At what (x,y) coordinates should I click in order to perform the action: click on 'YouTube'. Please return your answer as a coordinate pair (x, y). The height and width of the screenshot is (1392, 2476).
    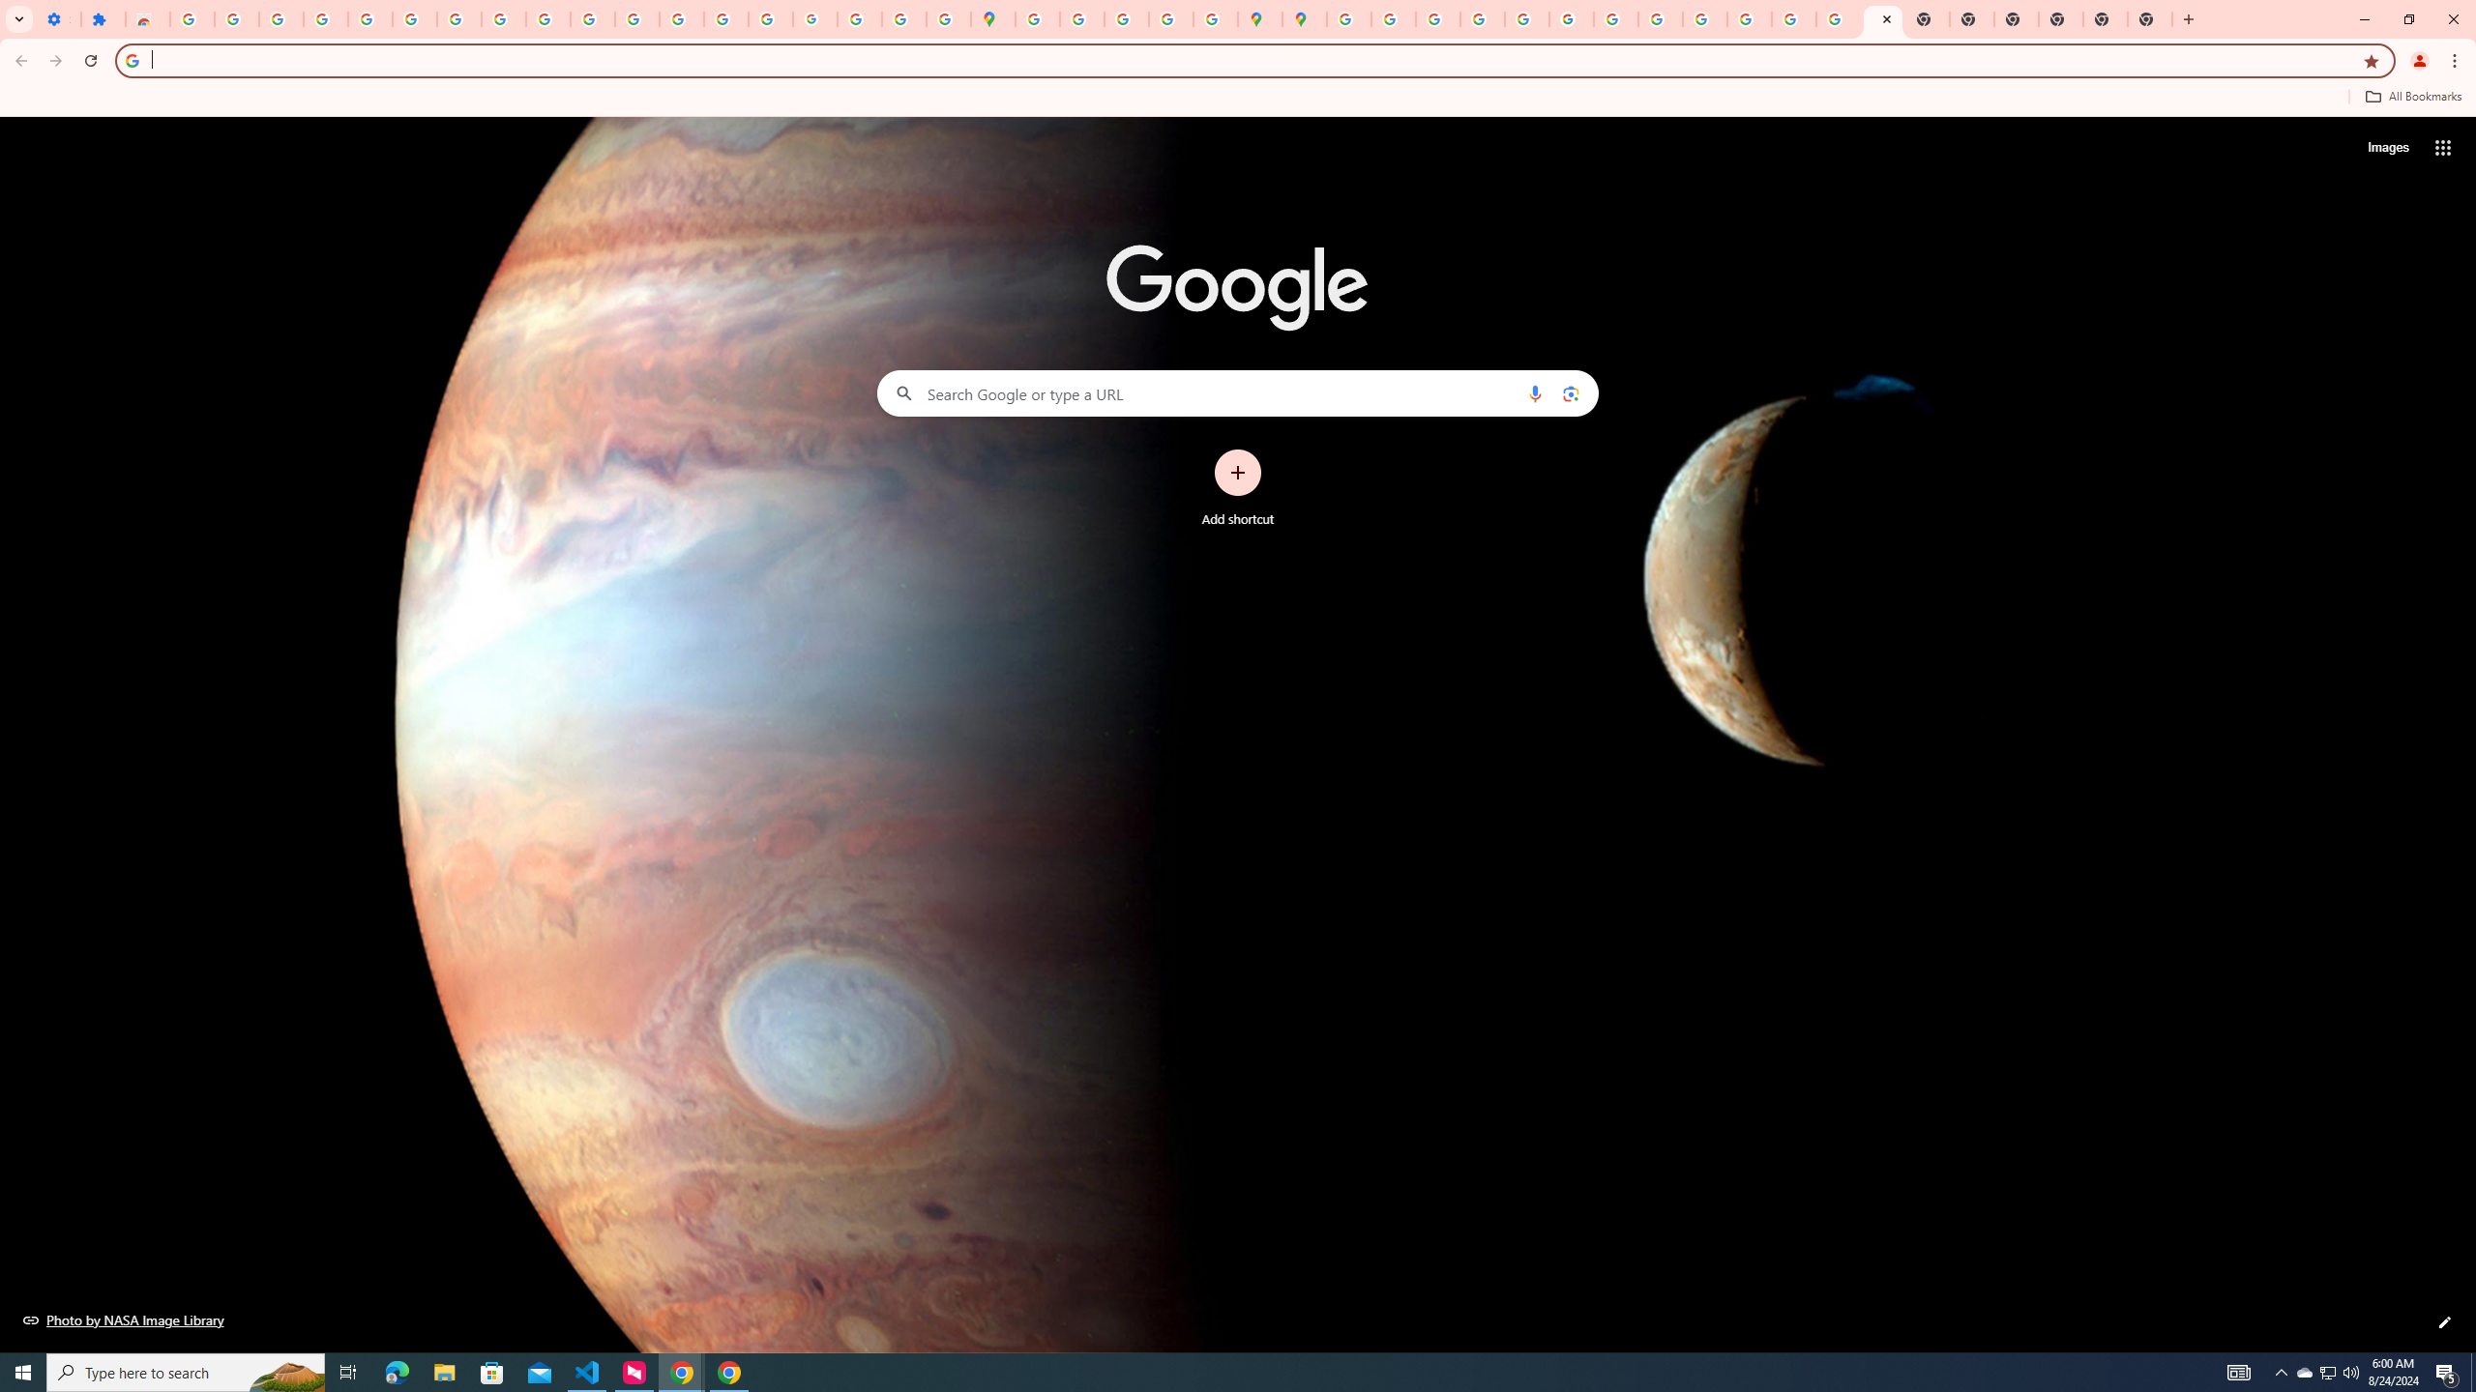
    Looking at the image, I should click on (1615, 18).